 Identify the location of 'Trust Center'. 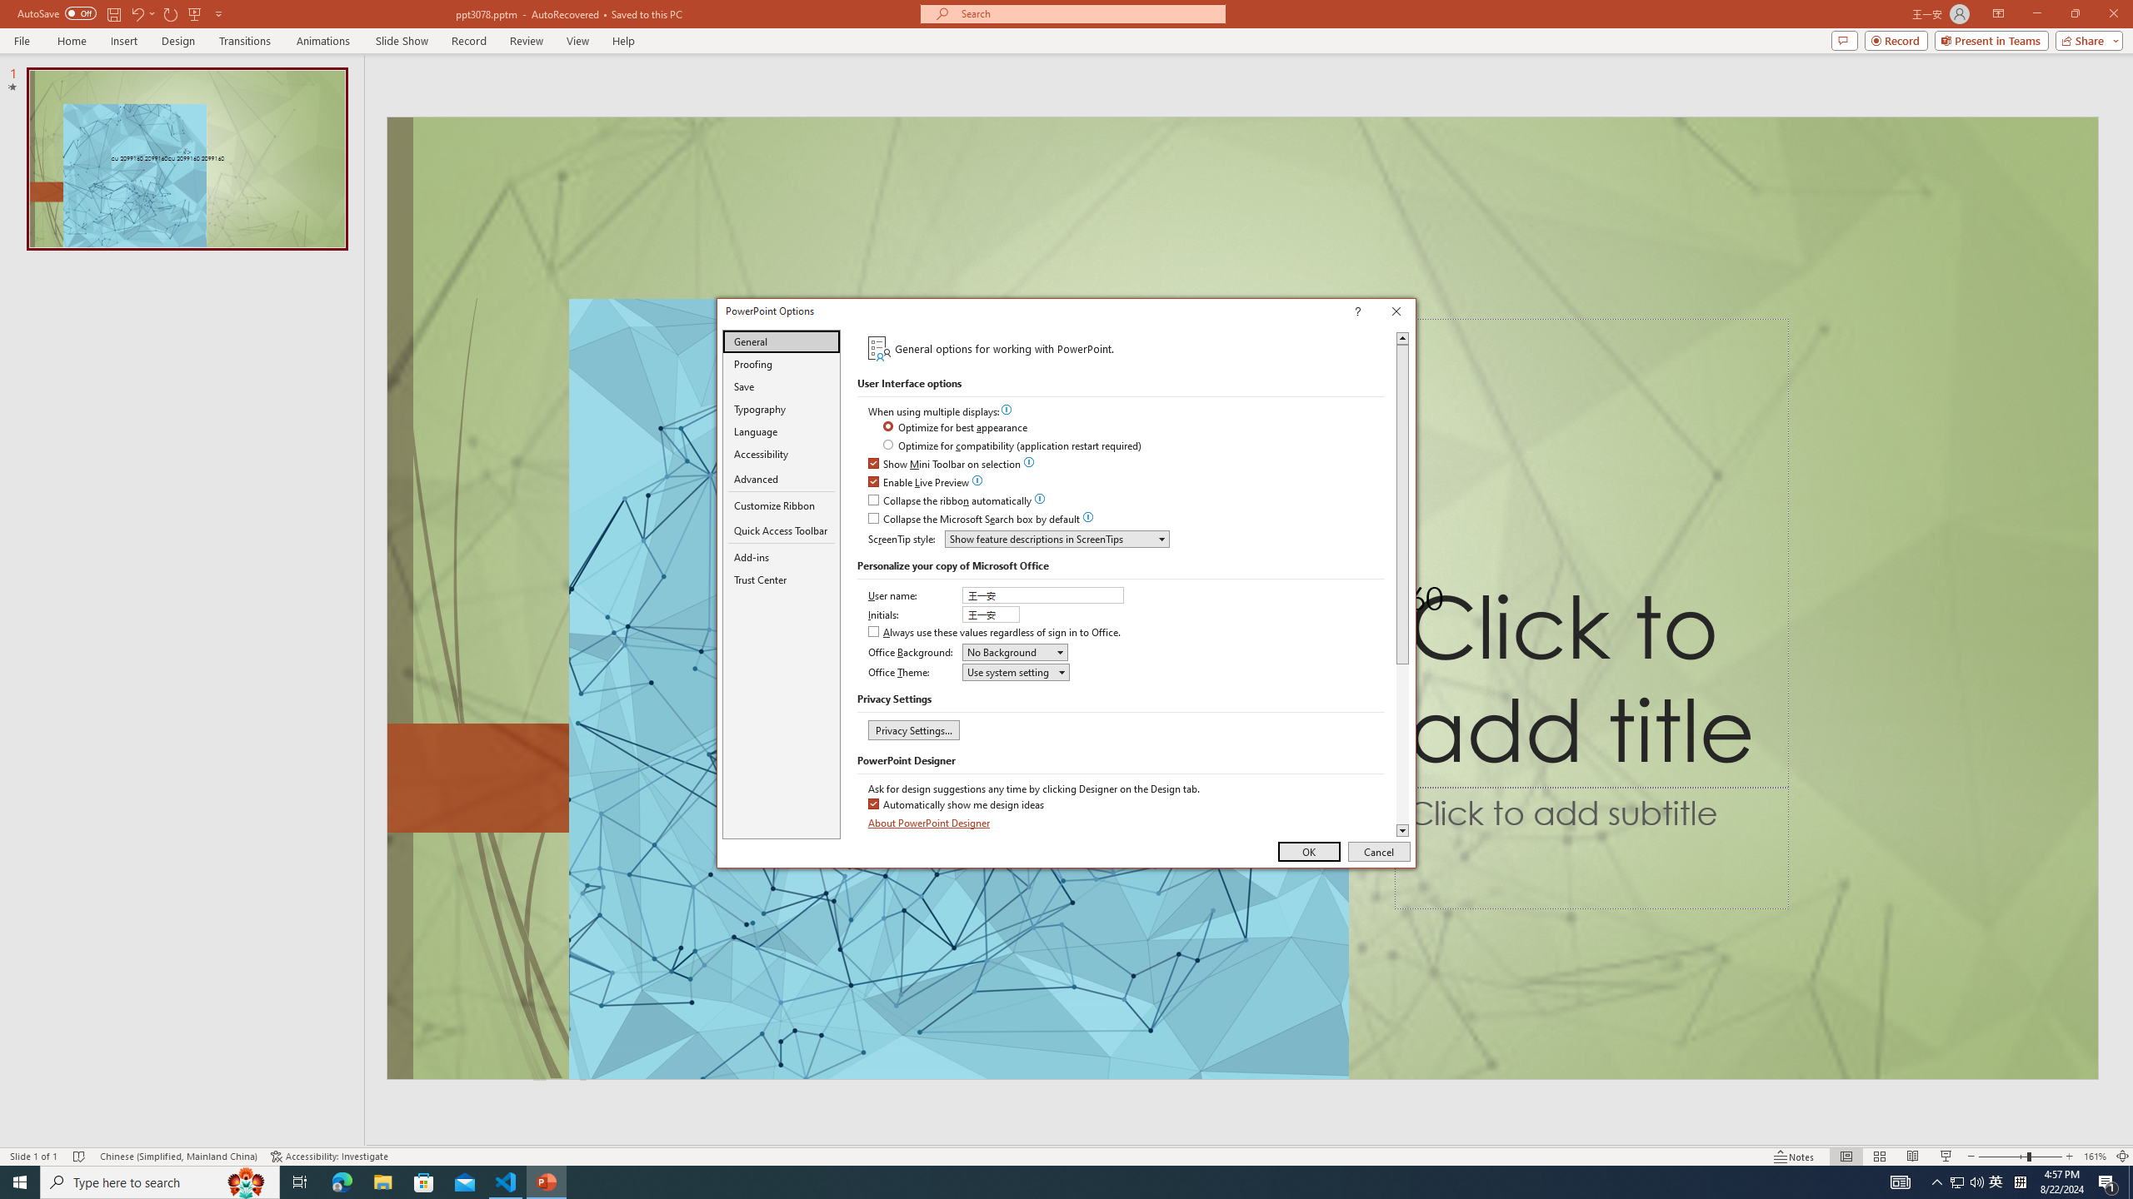
(781, 580).